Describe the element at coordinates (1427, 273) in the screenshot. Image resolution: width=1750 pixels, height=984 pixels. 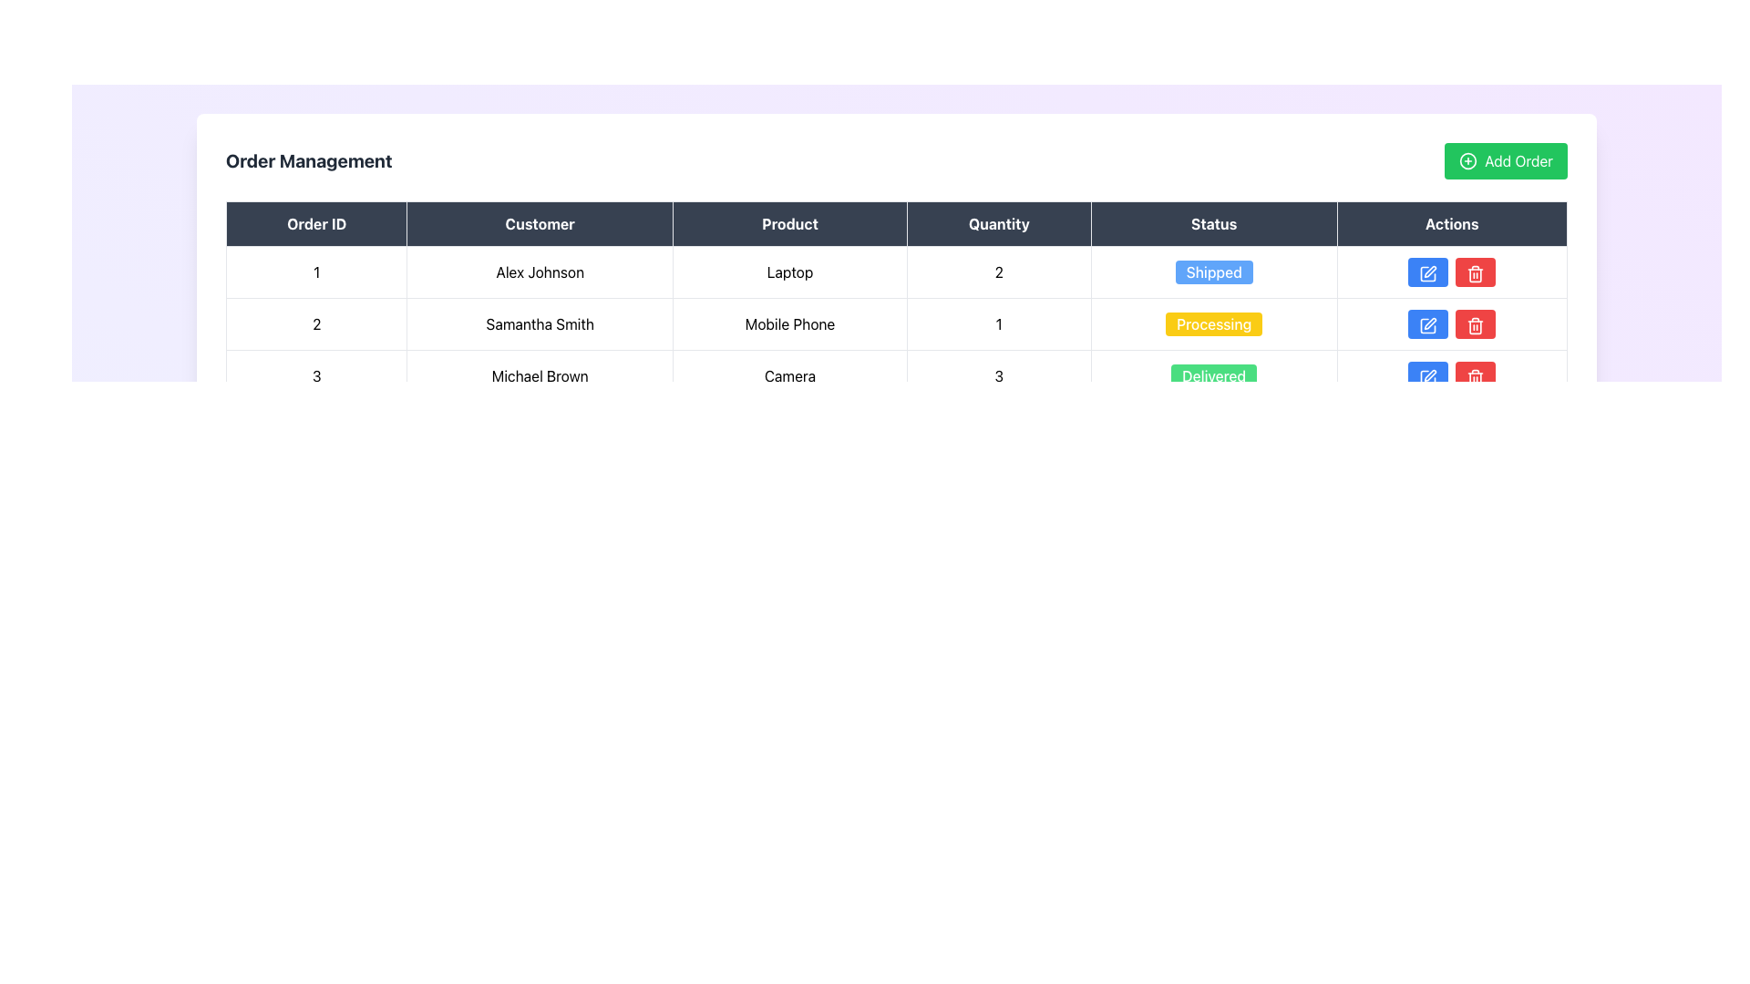
I see `the edit icon button located in the 'Actions' column of the first table row` at that location.